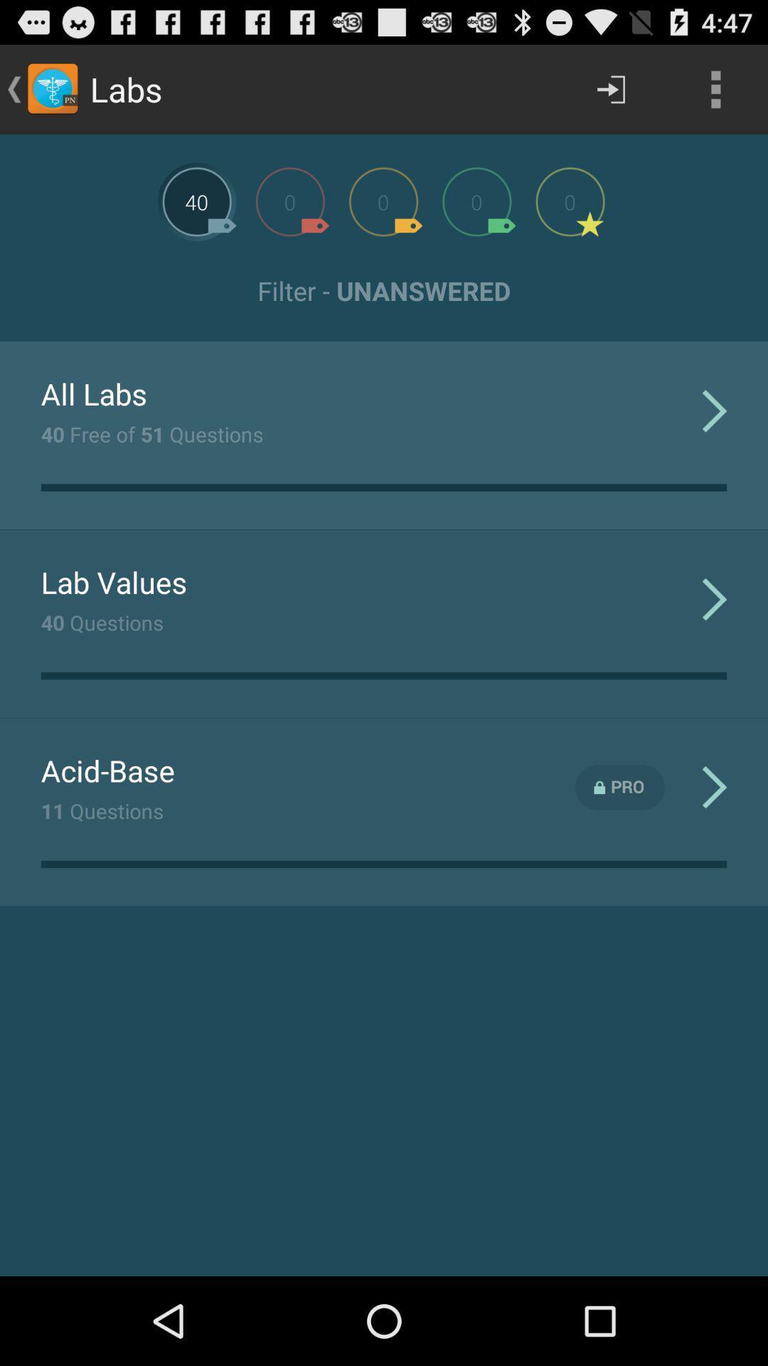  I want to click on choose category 4, so click(476, 201).